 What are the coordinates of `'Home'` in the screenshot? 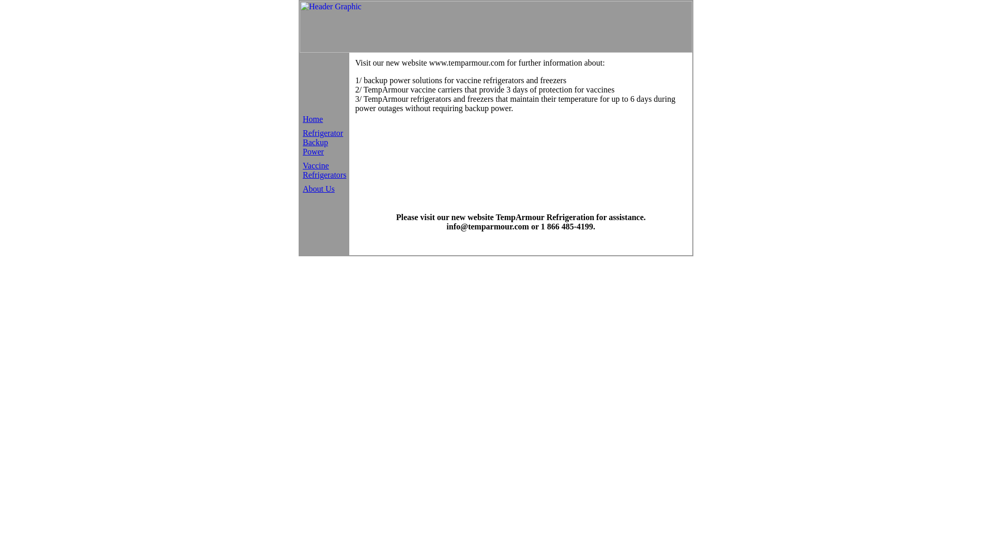 It's located at (312, 118).